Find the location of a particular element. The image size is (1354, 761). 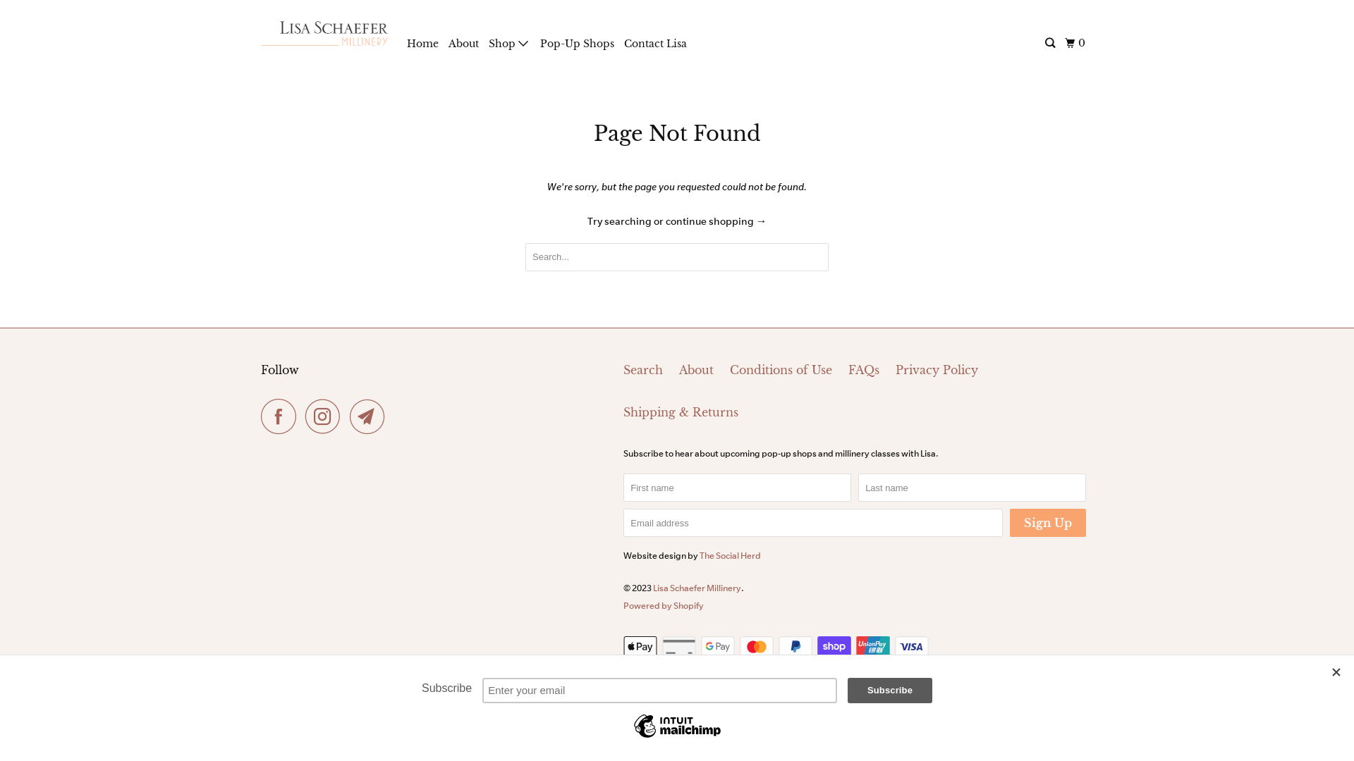

'Conditions of Use' is located at coordinates (730, 369).